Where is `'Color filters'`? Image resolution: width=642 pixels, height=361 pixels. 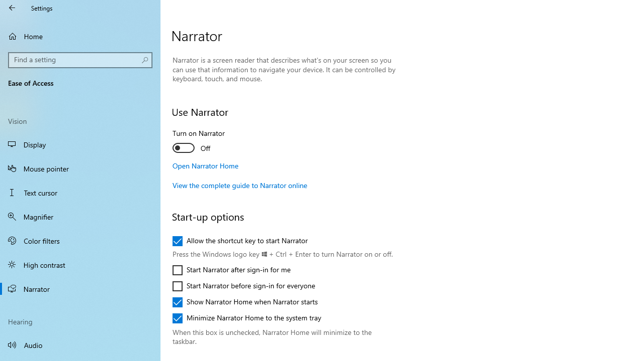
'Color filters' is located at coordinates (80, 240).